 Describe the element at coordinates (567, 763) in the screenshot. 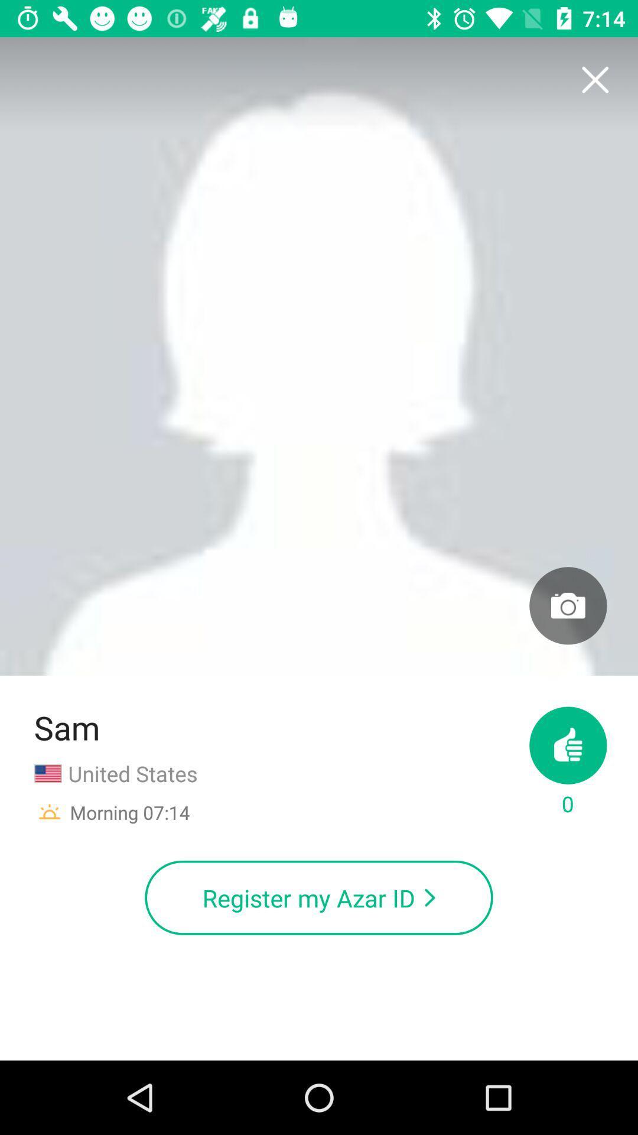

I see `the item next to the united states item` at that location.